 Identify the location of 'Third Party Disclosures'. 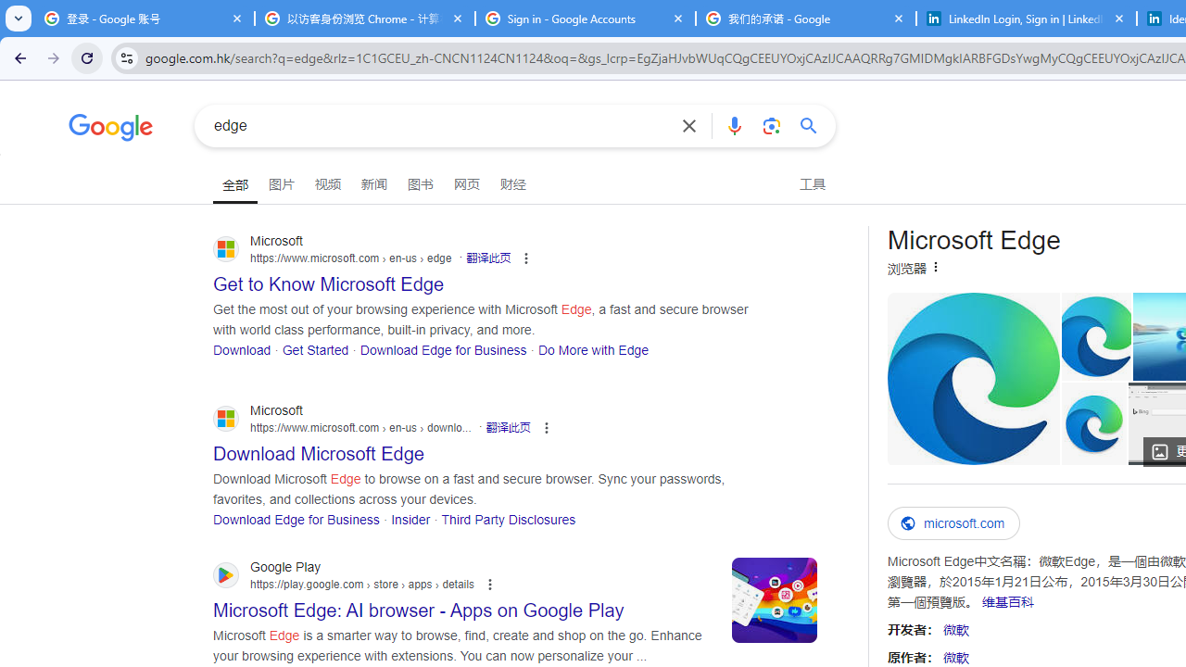
(509, 519).